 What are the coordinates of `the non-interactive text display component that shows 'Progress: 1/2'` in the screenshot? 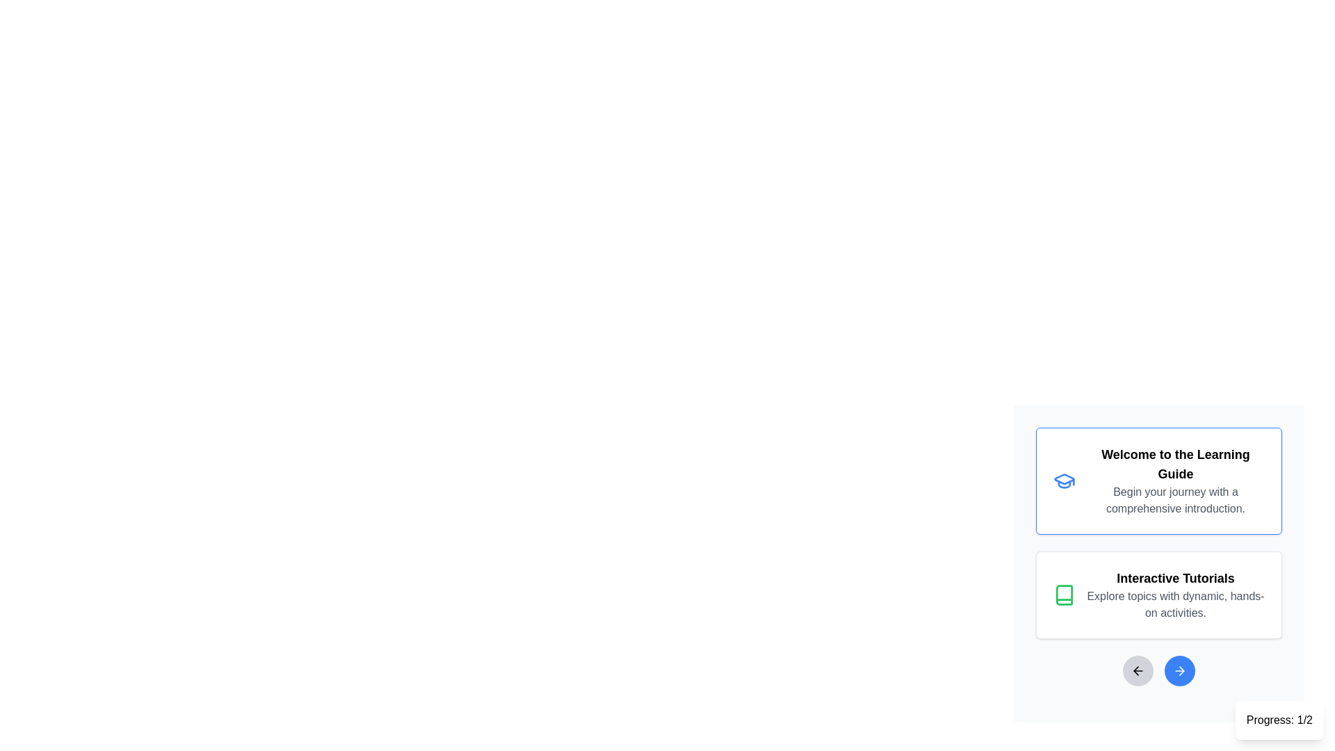 It's located at (1279, 720).